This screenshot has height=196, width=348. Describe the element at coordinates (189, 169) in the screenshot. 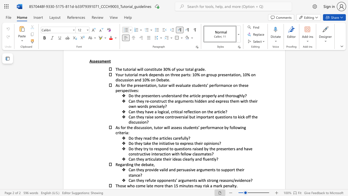

I see `the 2th character "s" in the text` at that location.